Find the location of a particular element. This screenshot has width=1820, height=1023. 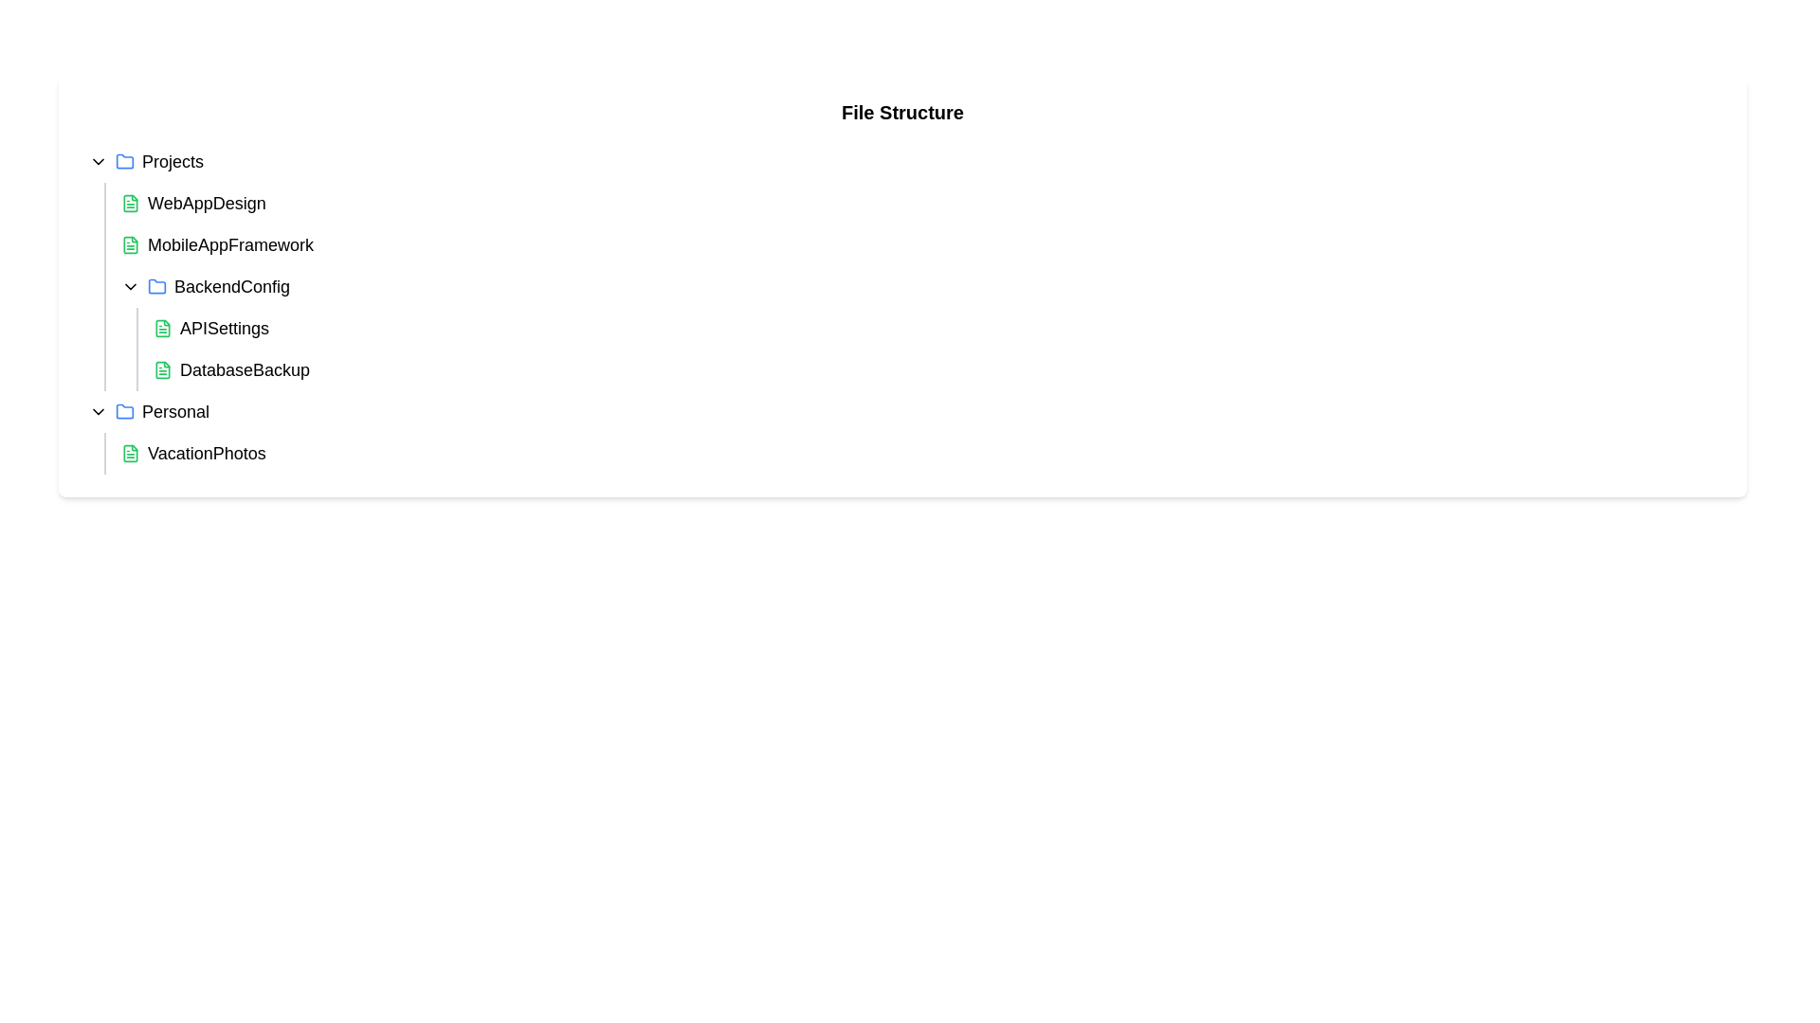

the static text label displaying the word 'Personal' in bold is located at coordinates (175, 411).